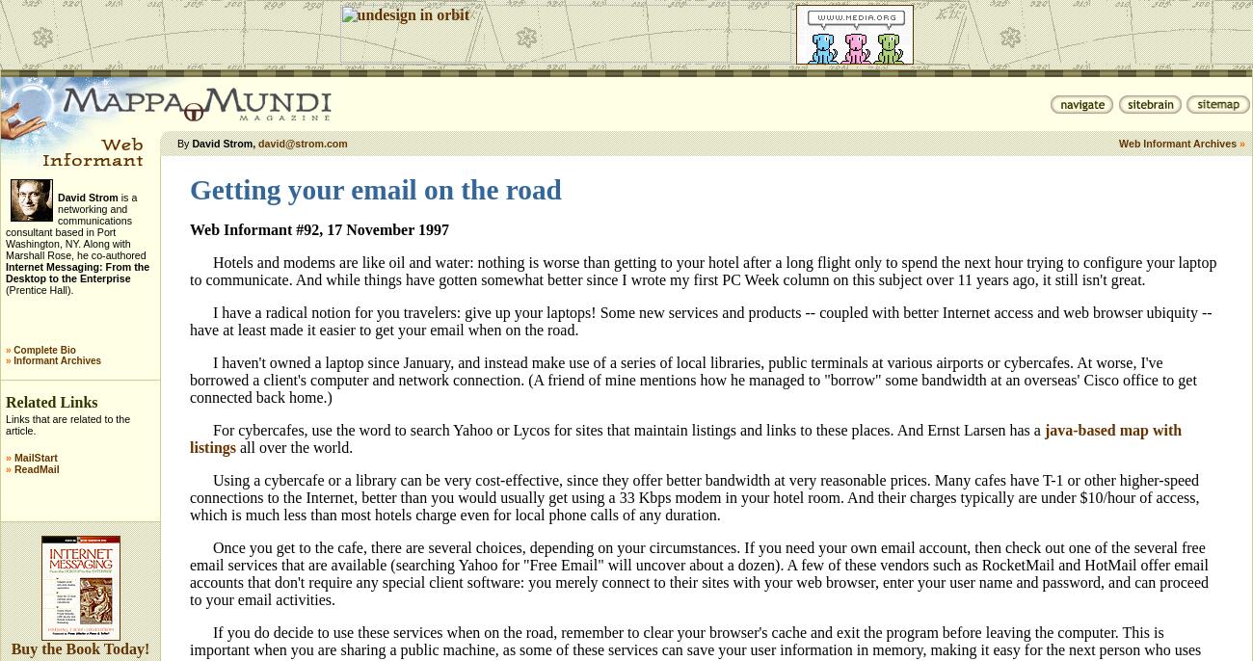  I want to click on 'Internet Messaging: From the Desktop to the Enterprise', so click(77, 272).